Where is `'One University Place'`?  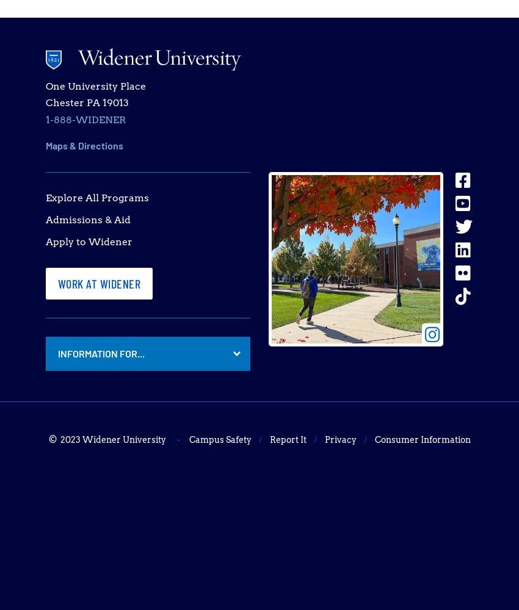
'One University Place' is located at coordinates (95, 86).